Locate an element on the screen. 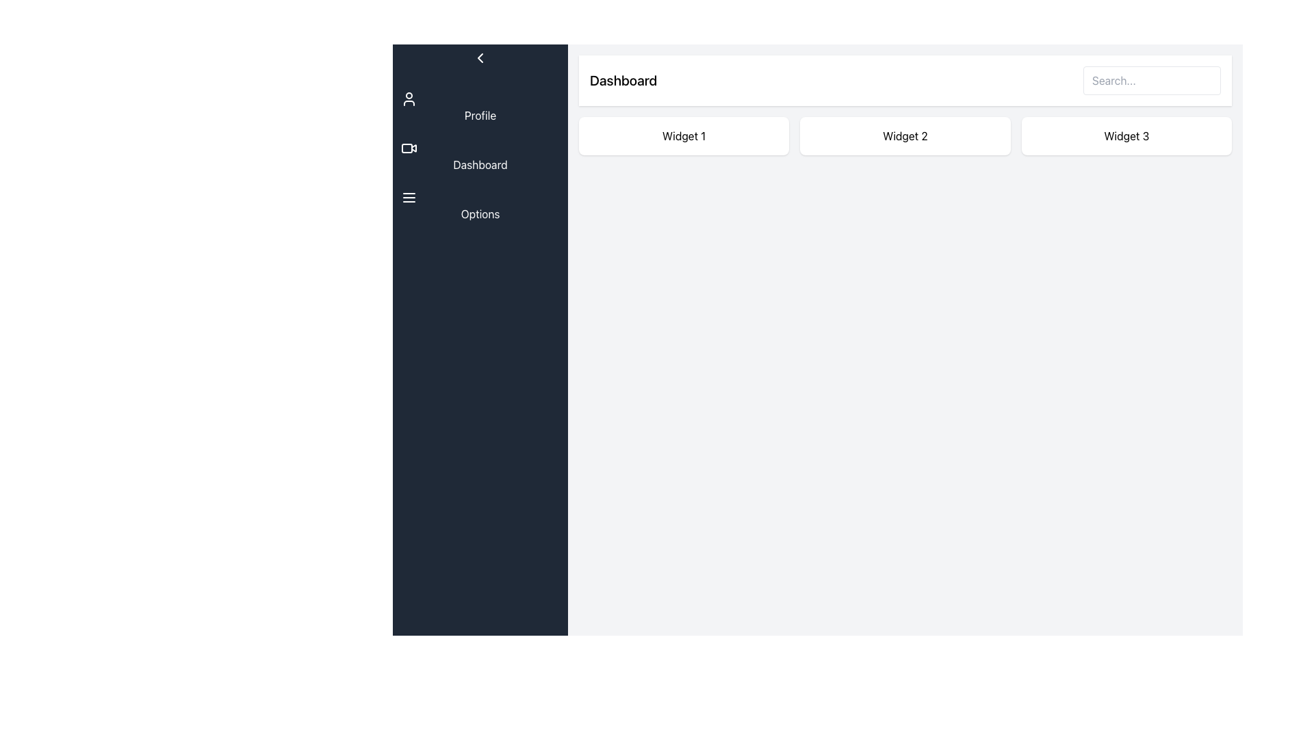 This screenshot has height=739, width=1314. the Hamburger menu icon located within the 'Options' button on the vertical menu bar, positioned to the left of the 'Options' text is located at coordinates (409, 198).